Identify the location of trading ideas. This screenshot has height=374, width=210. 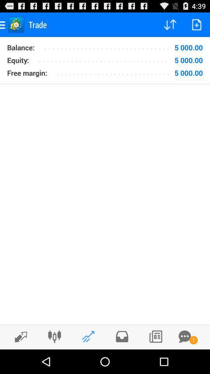
(88, 336).